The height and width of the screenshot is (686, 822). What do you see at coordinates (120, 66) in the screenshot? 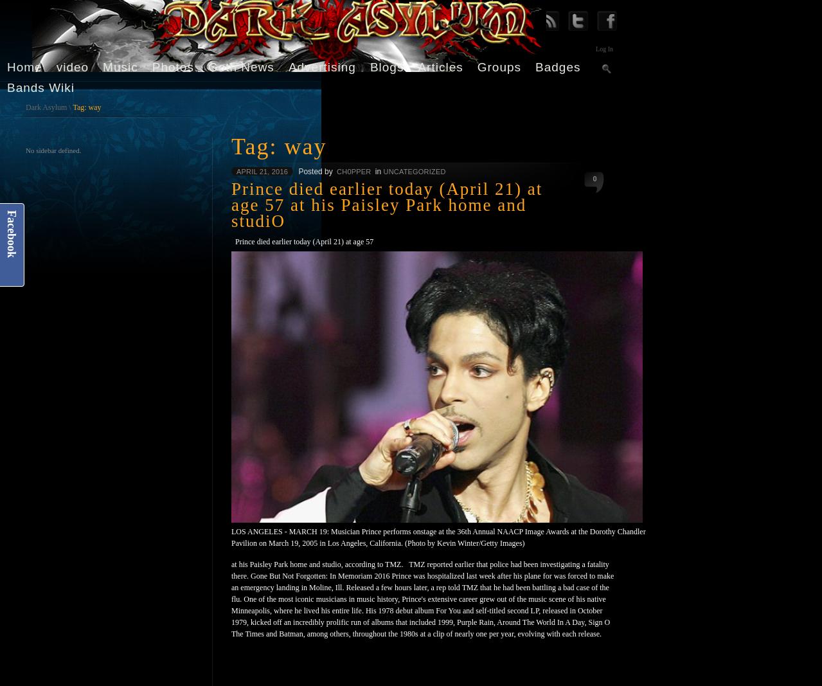
I see `'Music'` at bounding box center [120, 66].